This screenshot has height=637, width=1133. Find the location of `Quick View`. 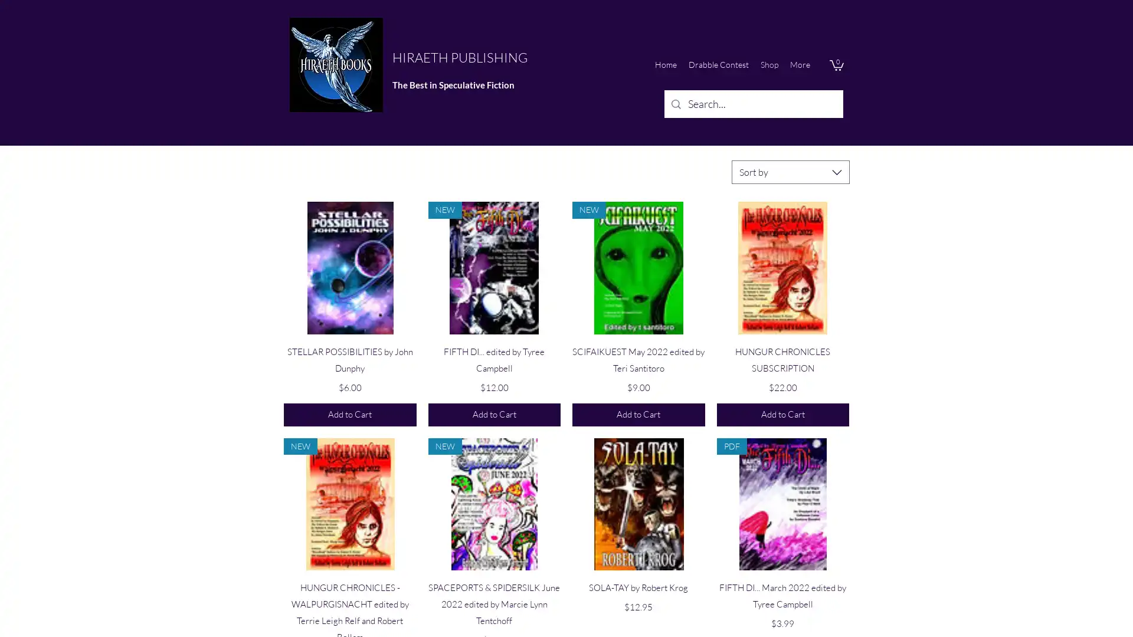

Quick View is located at coordinates (349, 347).